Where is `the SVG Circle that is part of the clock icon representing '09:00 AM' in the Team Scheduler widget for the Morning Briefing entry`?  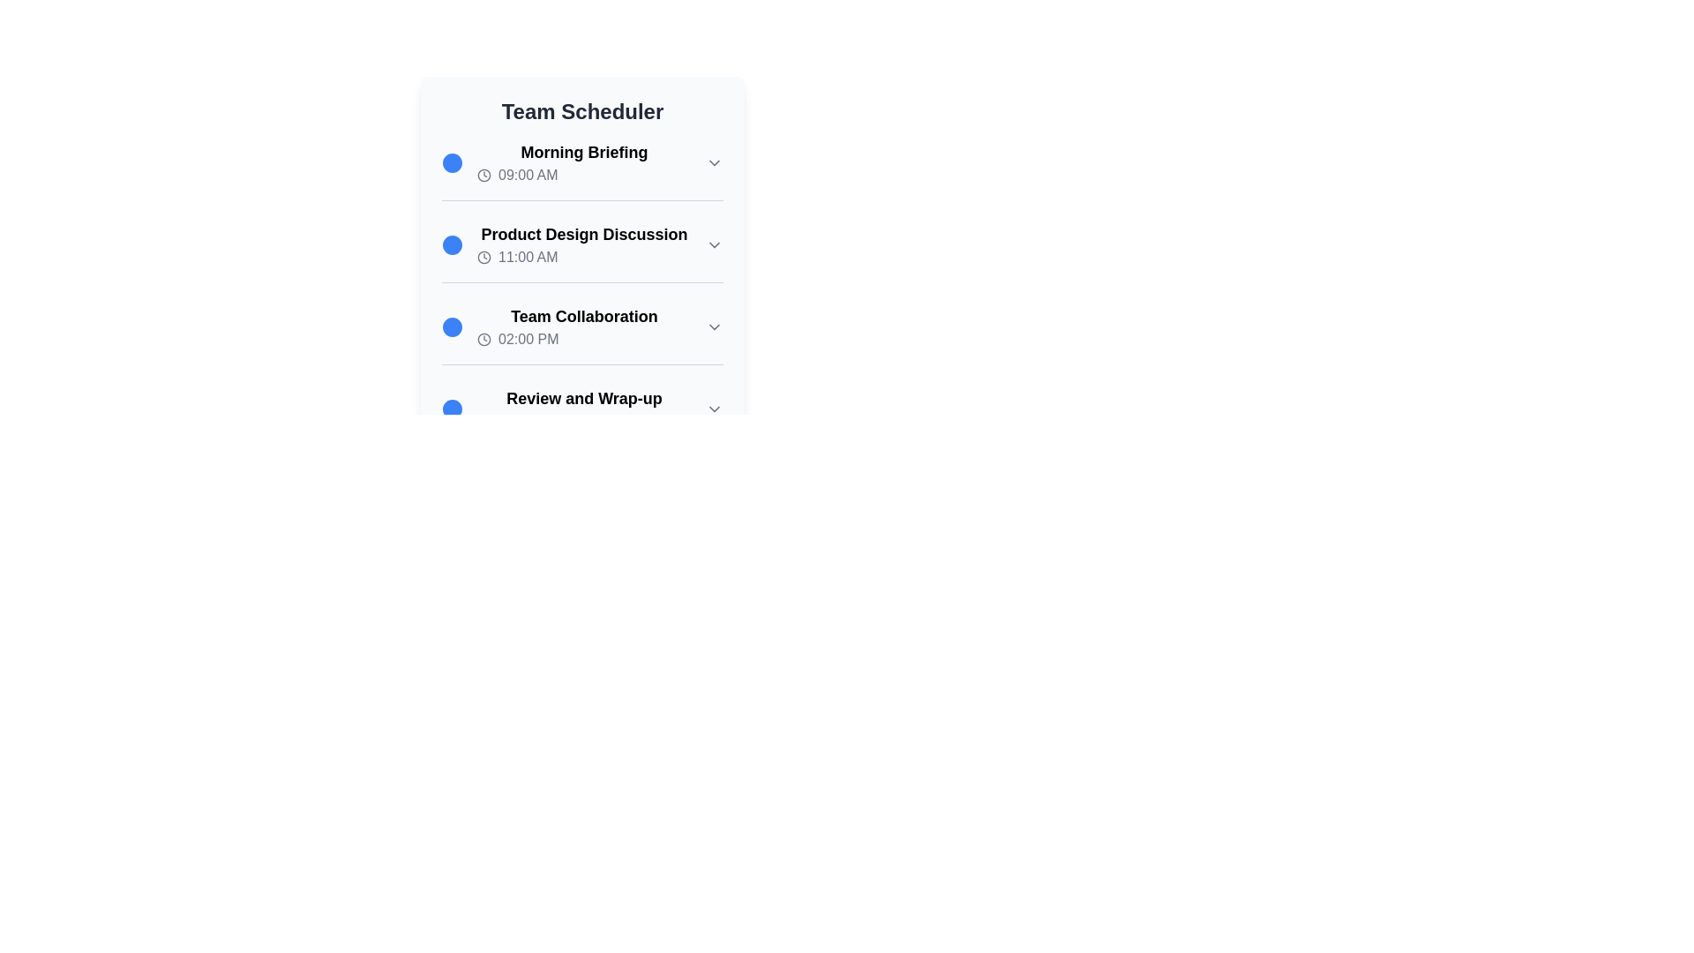
the SVG Circle that is part of the clock icon representing '09:00 AM' in the Team Scheduler widget for the Morning Briefing entry is located at coordinates (483, 176).